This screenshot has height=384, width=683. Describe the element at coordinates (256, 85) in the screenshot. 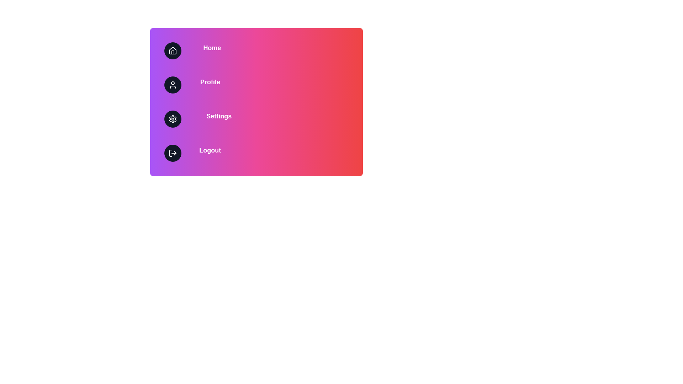

I see `the menu item labeled Profile to reveal its description` at that location.